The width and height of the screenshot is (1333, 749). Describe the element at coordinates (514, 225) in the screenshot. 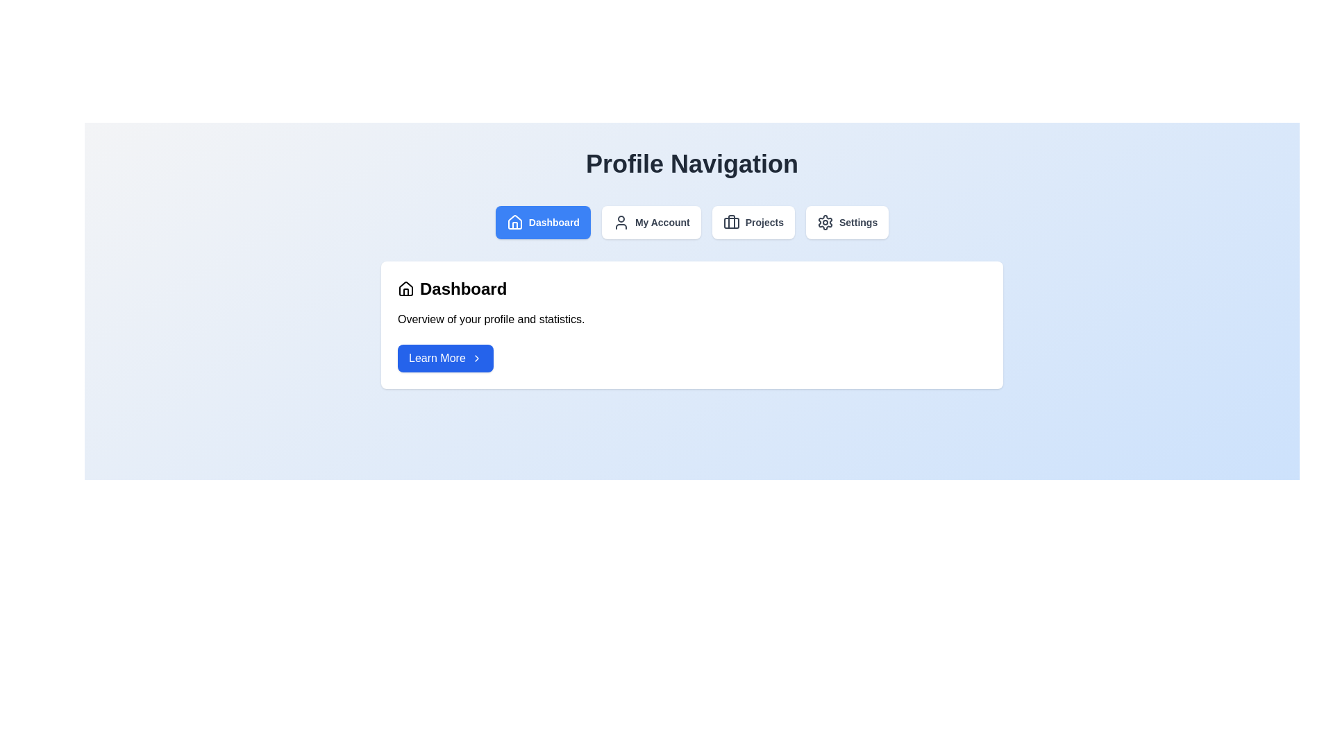

I see `the door element of the house icon in the SVG graphic, which is located at the vertical bottom portion and is visually smaller compared to the roof and walls` at that location.